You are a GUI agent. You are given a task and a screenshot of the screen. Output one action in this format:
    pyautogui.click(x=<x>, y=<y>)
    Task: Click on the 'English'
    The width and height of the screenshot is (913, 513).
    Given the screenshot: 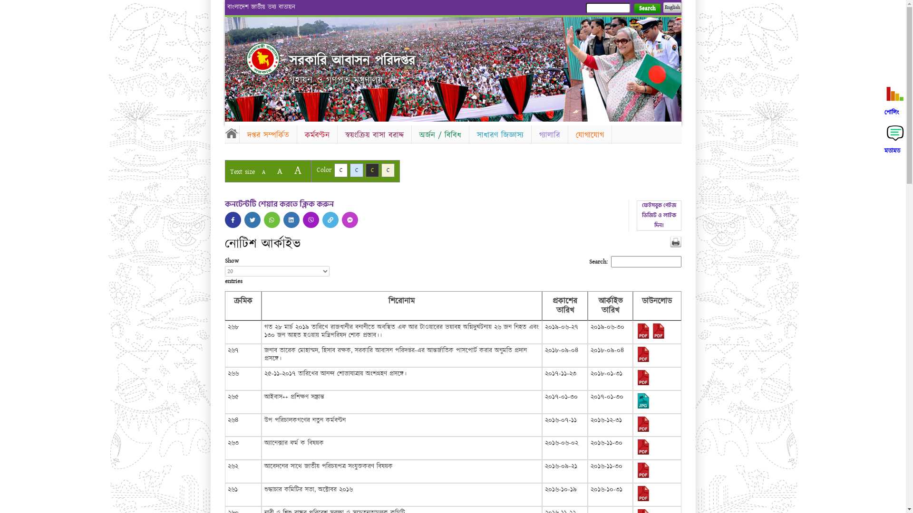 What is the action you would take?
    pyautogui.click(x=671, y=7)
    